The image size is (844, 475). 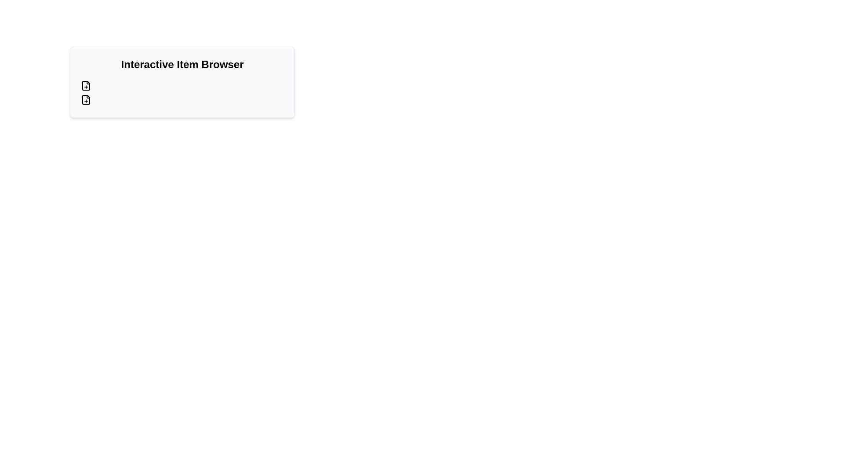 What do you see at coordinates (86, 86) in the screenshot?
I see `the SVG icon that resembles a folded paper corner, located in the top-left region of the interface, below the label 'Interactive Item Browser'` at bounding box center [86, 86].